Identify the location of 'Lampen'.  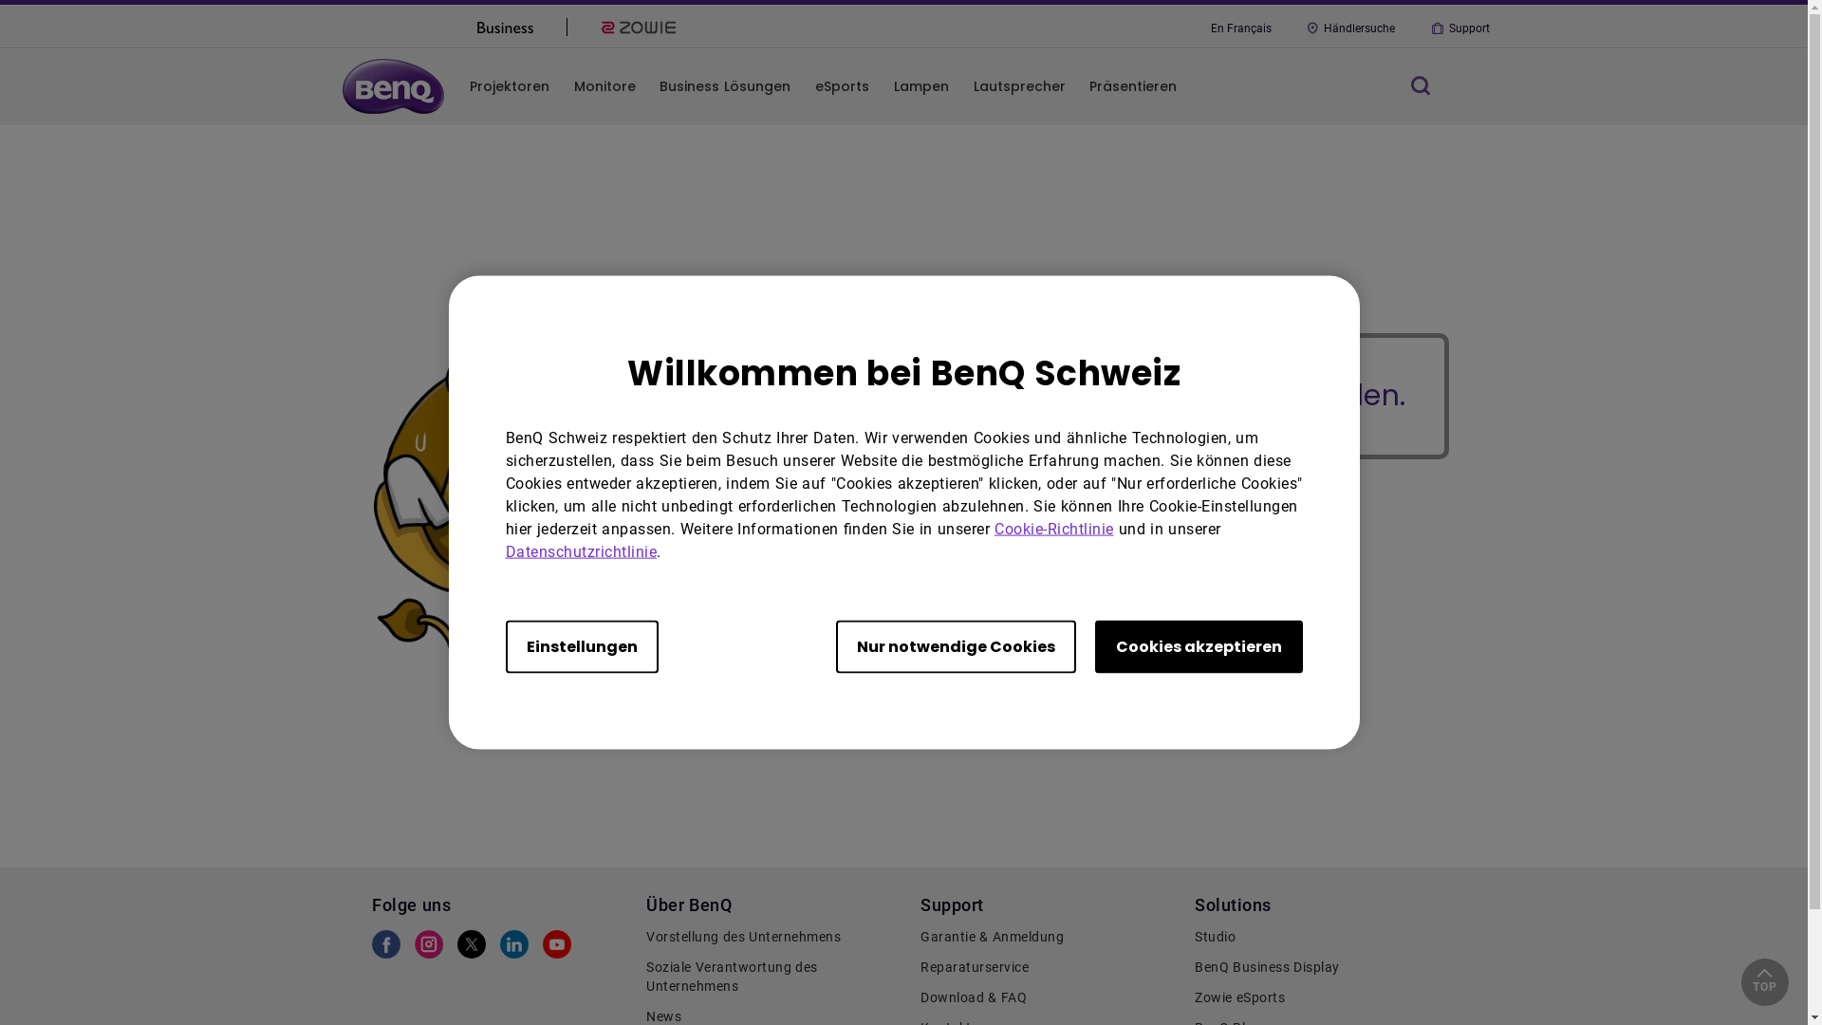
(920, 86).